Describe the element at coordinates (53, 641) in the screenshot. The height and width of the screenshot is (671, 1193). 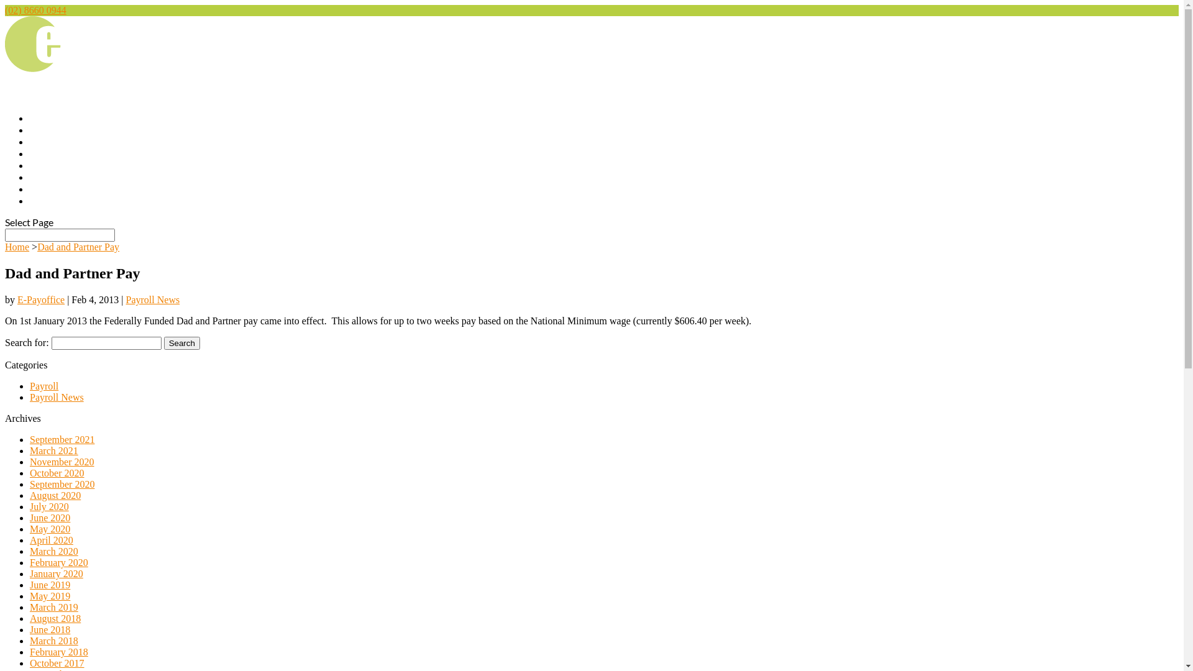
I see `'March 2018'` at that location.